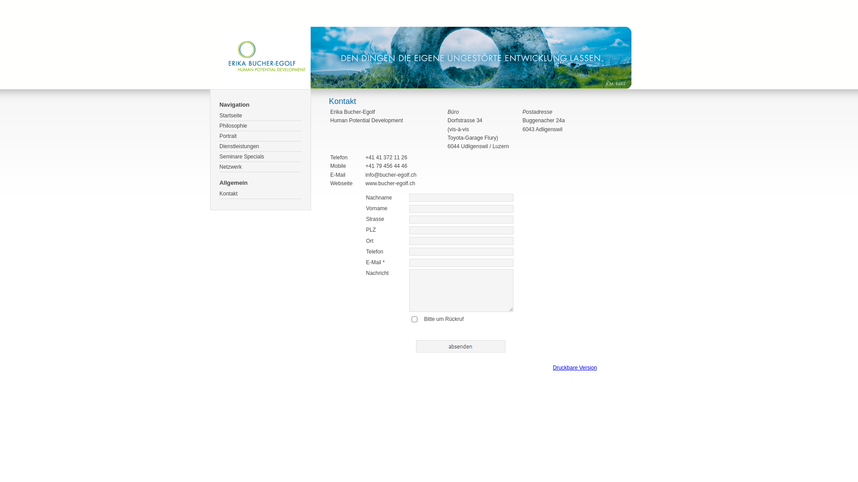 The height and width of the screenshot is (482, 858). What do you see at coordinates (219, 115) in the screenshot?
I see `'Startseite'` at bounding box center [219, 115].